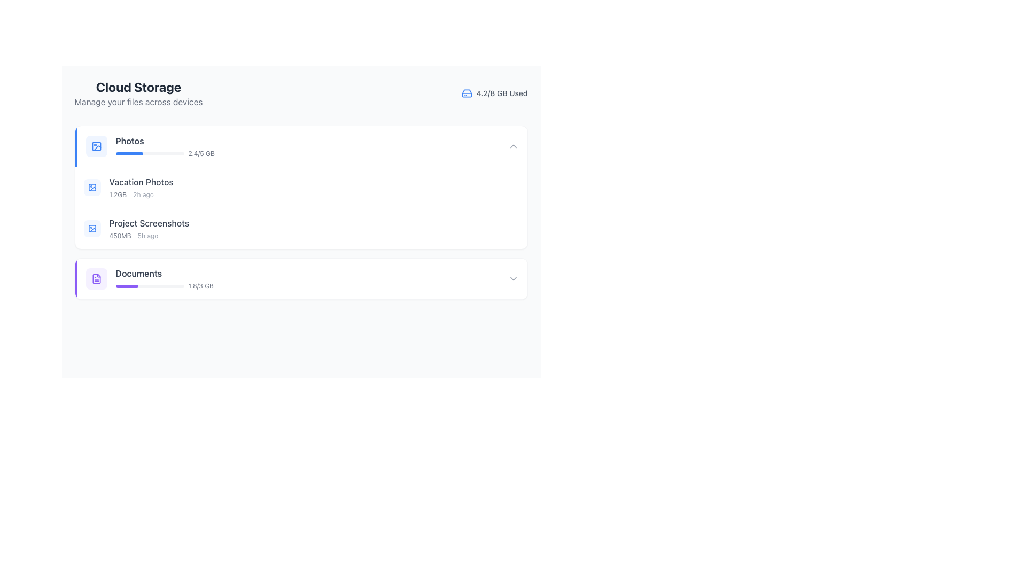 This screenshot has width=1026, height=577. Describe the element at coordinates (141, 187) in the screenshot. I see `the list item displaying file attributes` at that location.